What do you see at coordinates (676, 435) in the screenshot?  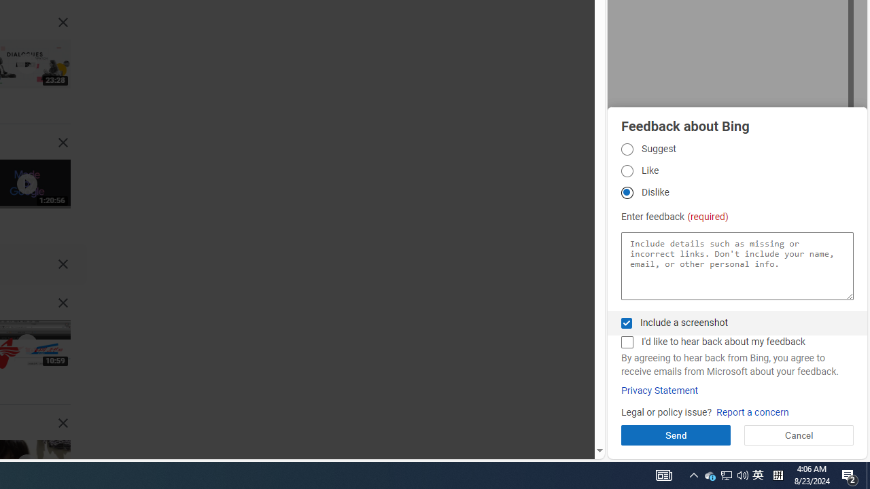 I see `'Send'` at bounding box center [676, 435].